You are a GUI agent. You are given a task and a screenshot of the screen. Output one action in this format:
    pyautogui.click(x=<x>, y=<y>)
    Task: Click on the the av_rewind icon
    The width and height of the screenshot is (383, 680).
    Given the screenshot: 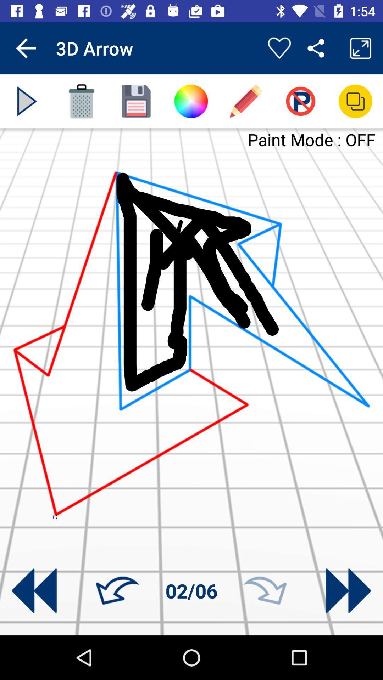 What is the action you would take?
    pyautogui.click(x=34, y=591)
    